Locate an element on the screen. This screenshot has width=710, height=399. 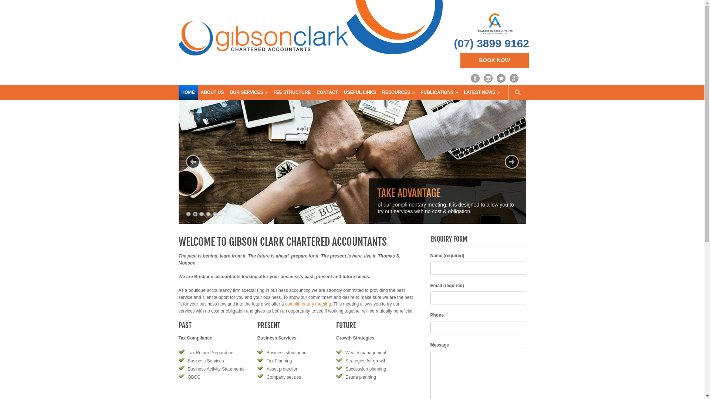
'5' is located at coordinates (214, 214).